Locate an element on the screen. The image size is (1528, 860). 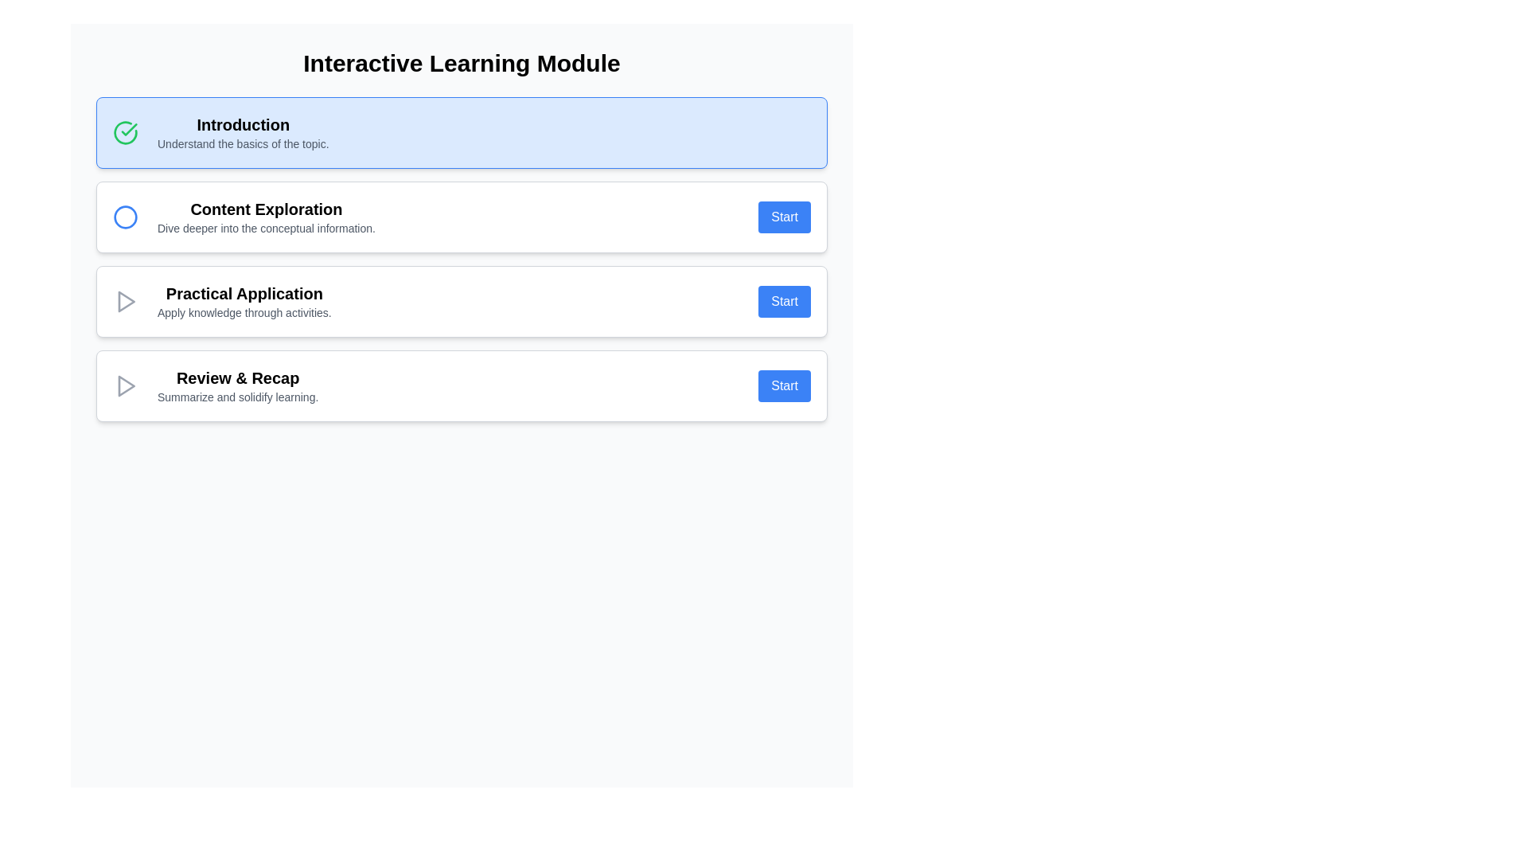
text element providing a brief description or subtitle for the module labeled 'Practical Application', located directly below the heading of the same name is located at coordinates (244, 313).